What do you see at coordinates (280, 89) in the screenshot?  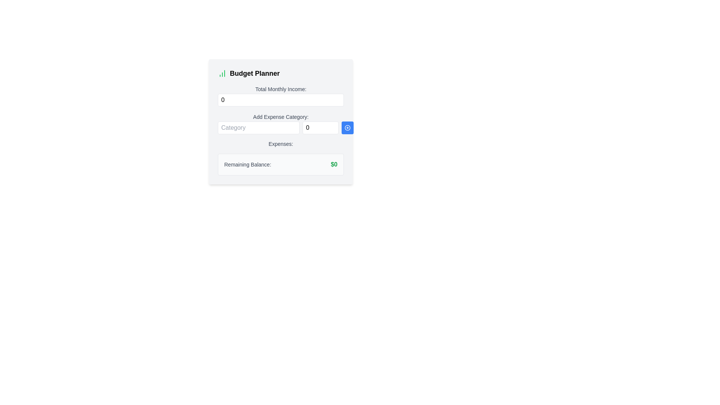 I see `the label displaying 'Total Monthly Income:' which is styled with small font size, medium weight, and gray color, positioned above the numeric input field in the budgeting application` at bounding box center [280, 89].